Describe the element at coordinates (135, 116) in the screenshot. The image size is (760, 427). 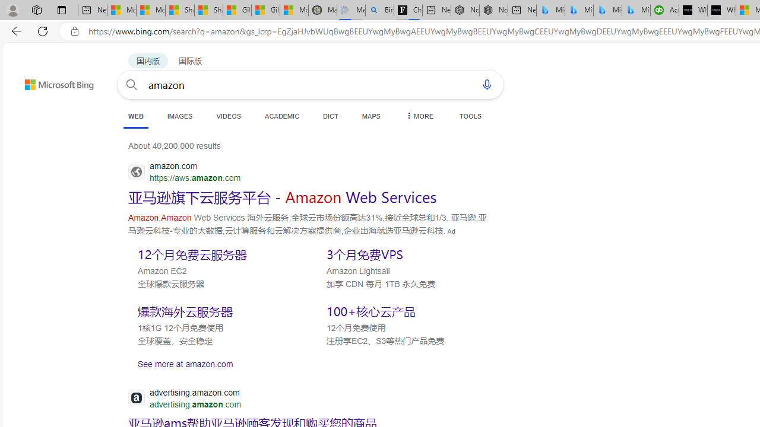
I see `'WEB'` at that location.